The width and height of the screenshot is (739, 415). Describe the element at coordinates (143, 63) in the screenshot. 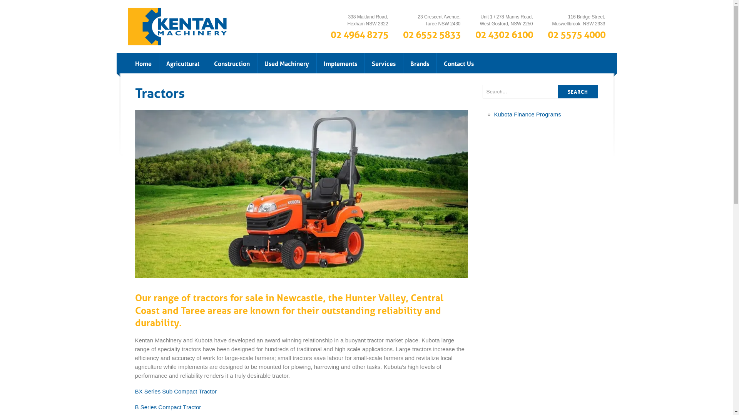

I see `'Home'` at that location.